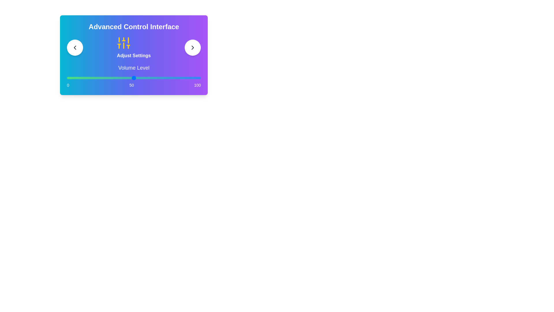 This screenshot has width=554, height=312. What do you see at coordinates (189, 78) in the screenshot?
I see `the slider to set the value to 91` at bounding box center [189, 78].